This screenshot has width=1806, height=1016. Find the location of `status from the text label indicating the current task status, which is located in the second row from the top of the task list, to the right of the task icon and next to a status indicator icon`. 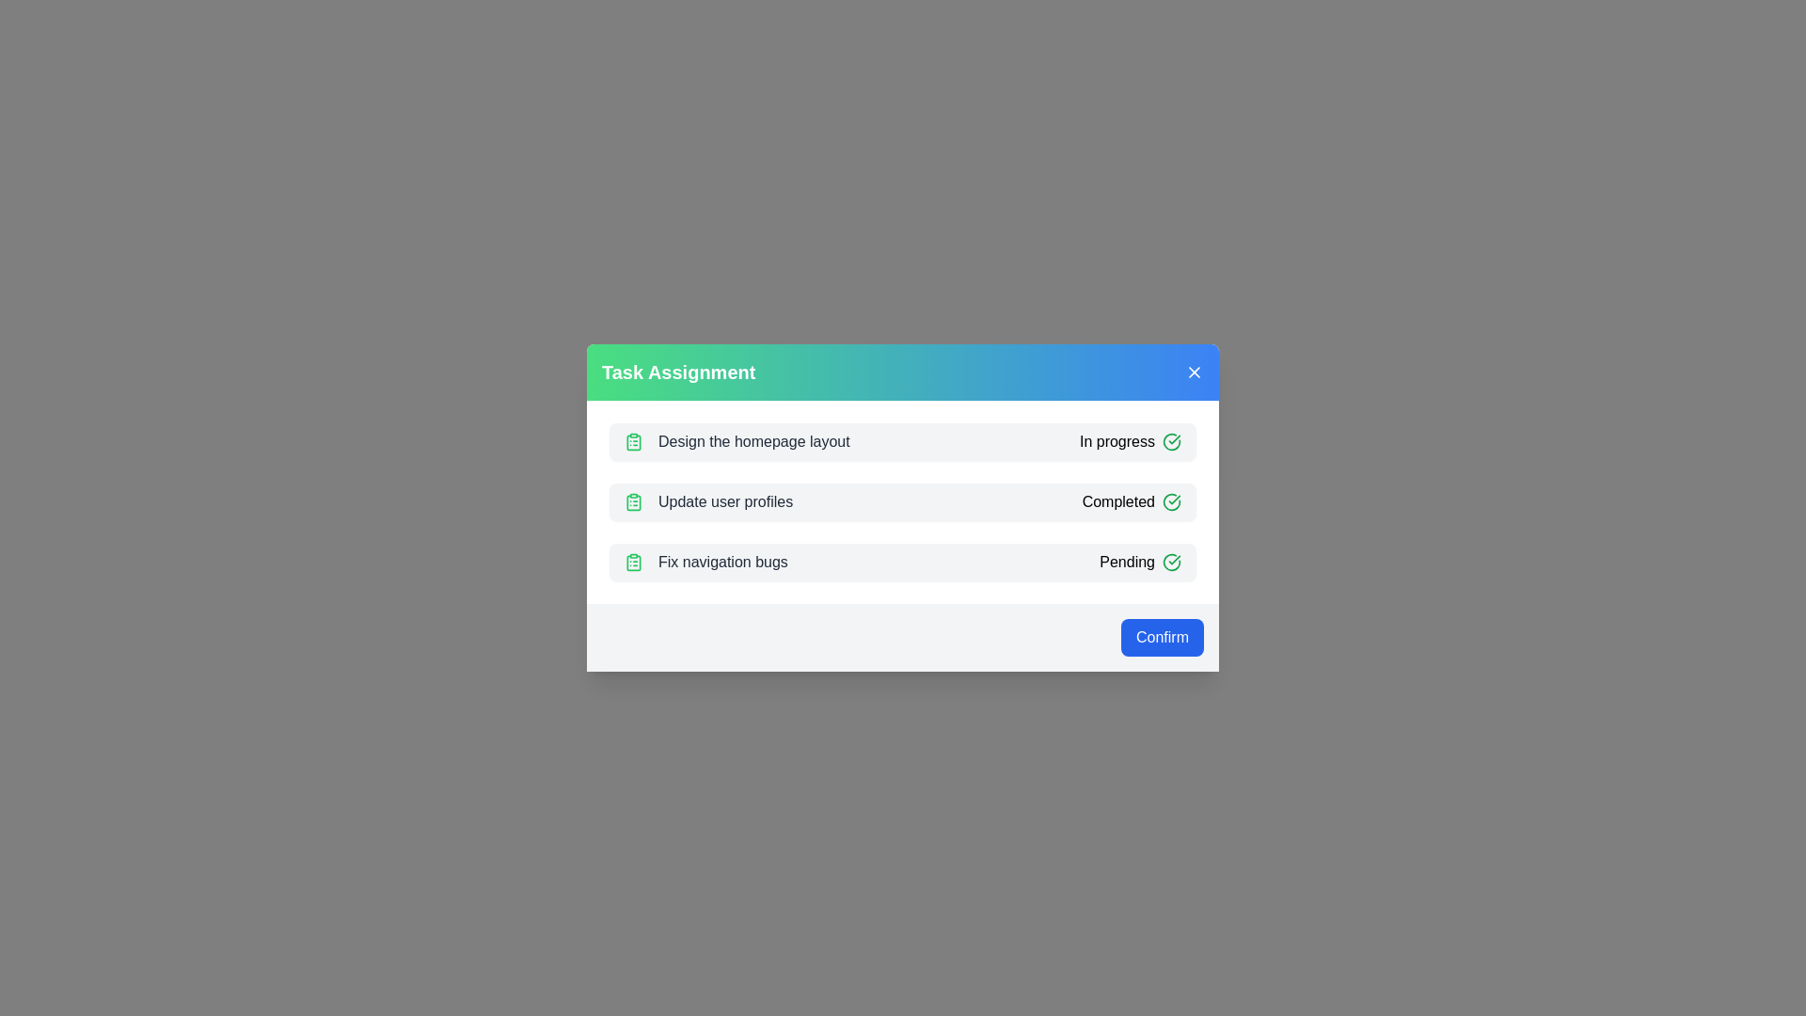

status from the text label indicating the current task status, which is located in the second row from the top of the task list, to the right of the task icon and next to a status indicator icon is located at coordinates (1117, 442).